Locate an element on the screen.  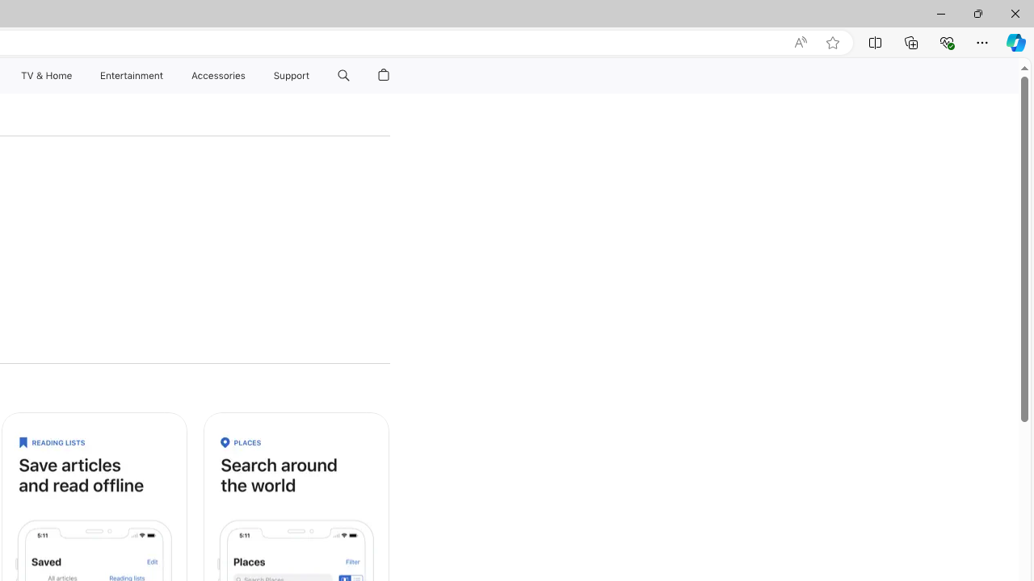
'Search apple.com' is located at coordinates (343, 75).